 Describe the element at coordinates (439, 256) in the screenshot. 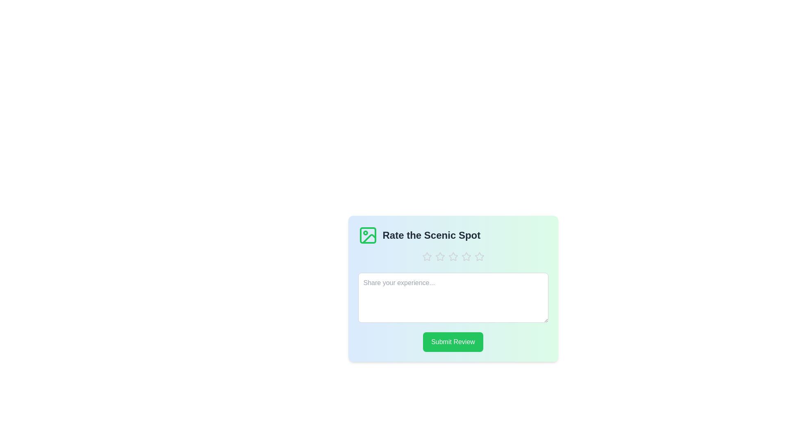

I see `the rating to 2 stars by clicking on the corresponding star icon` at that location.